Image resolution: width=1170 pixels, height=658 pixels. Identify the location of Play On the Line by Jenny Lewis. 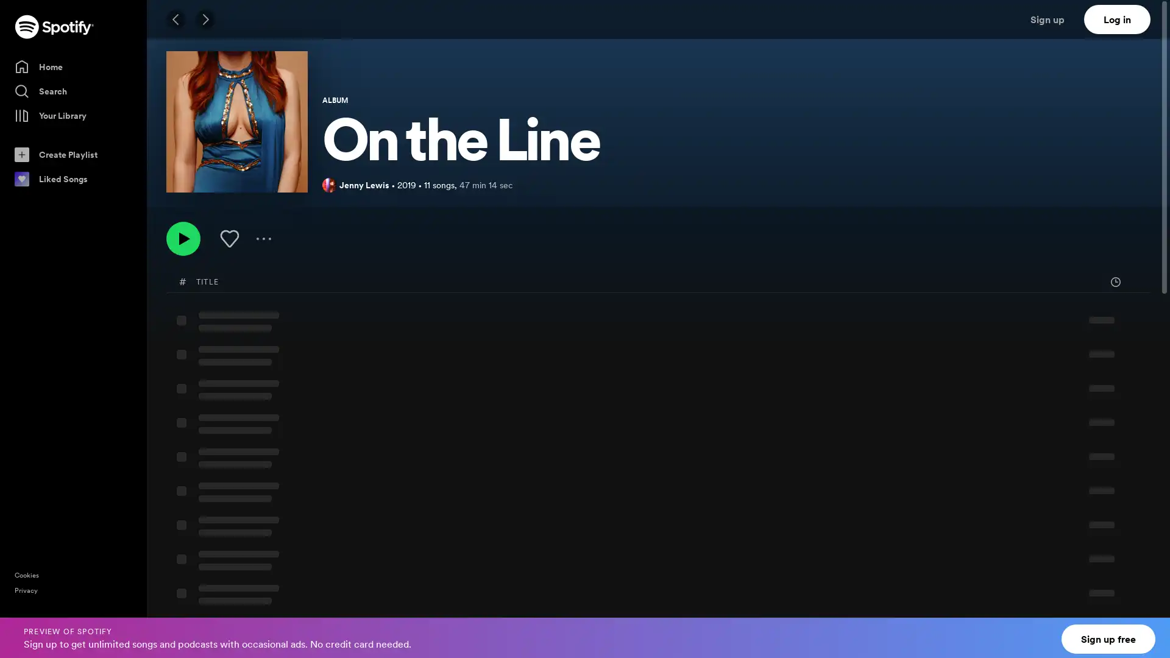
(181, 627).